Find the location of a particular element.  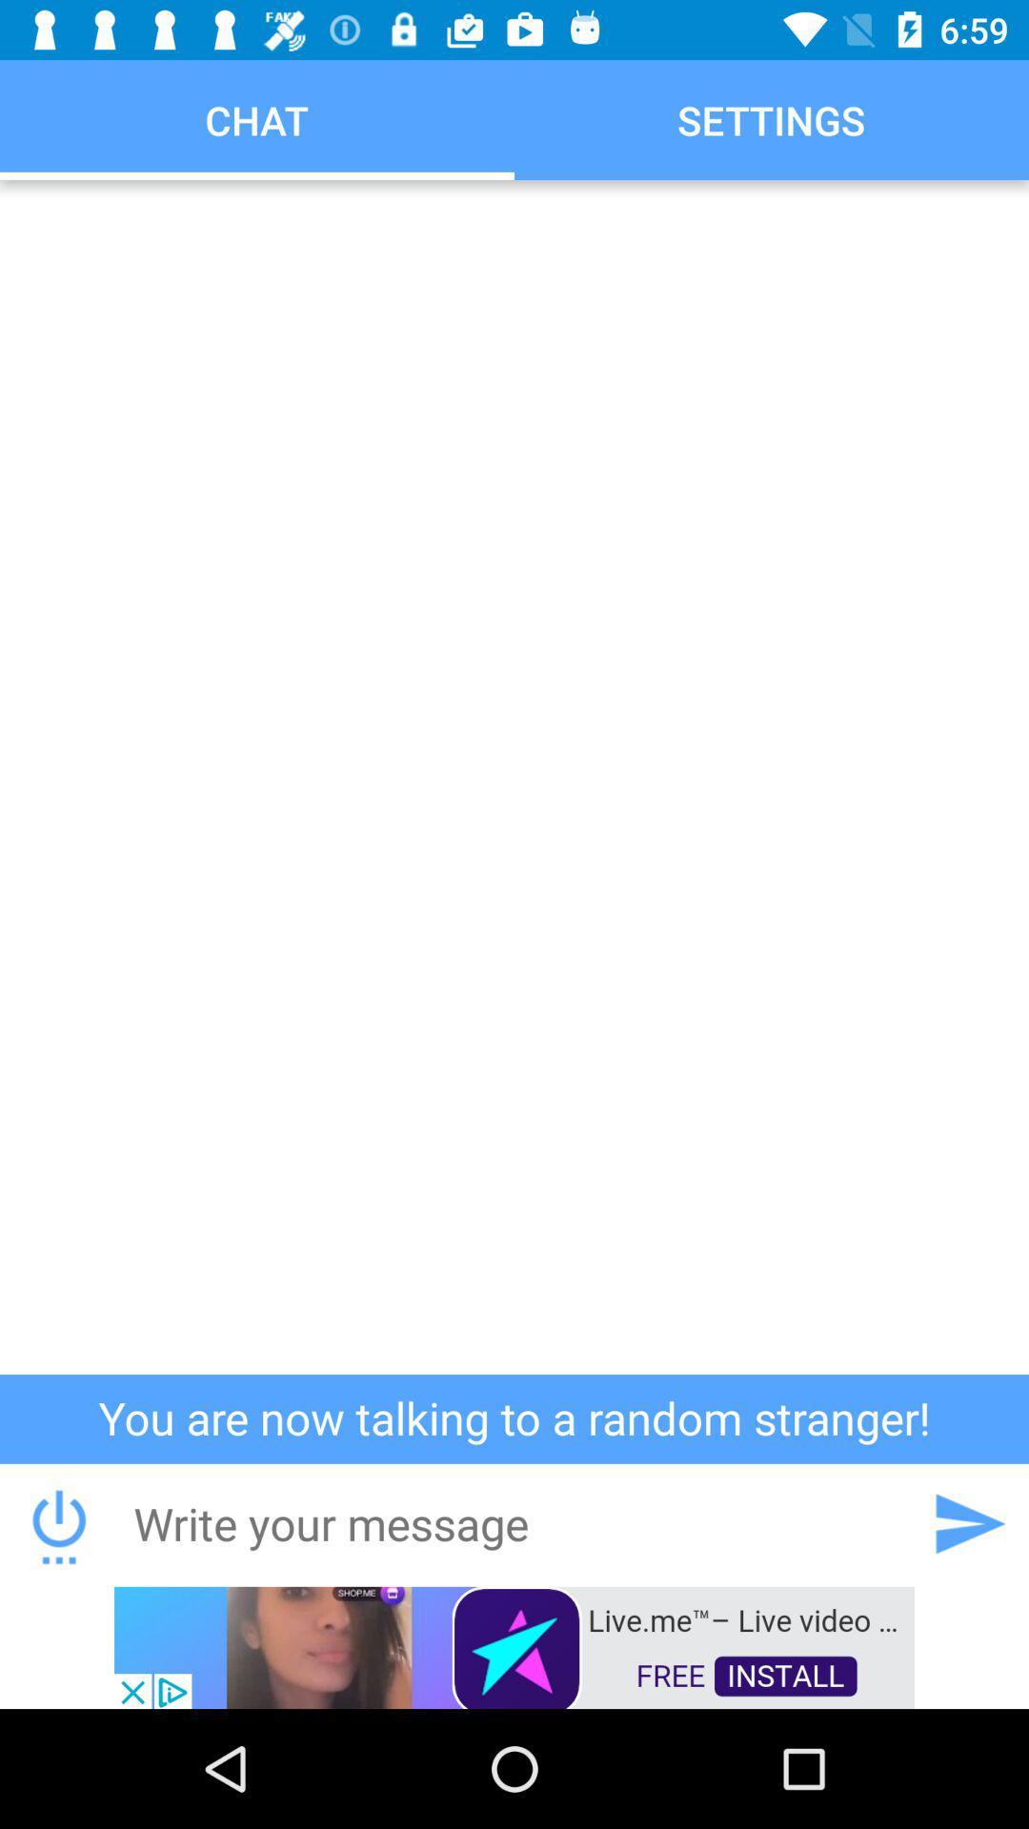

message is located at coordinates (513, 1522).